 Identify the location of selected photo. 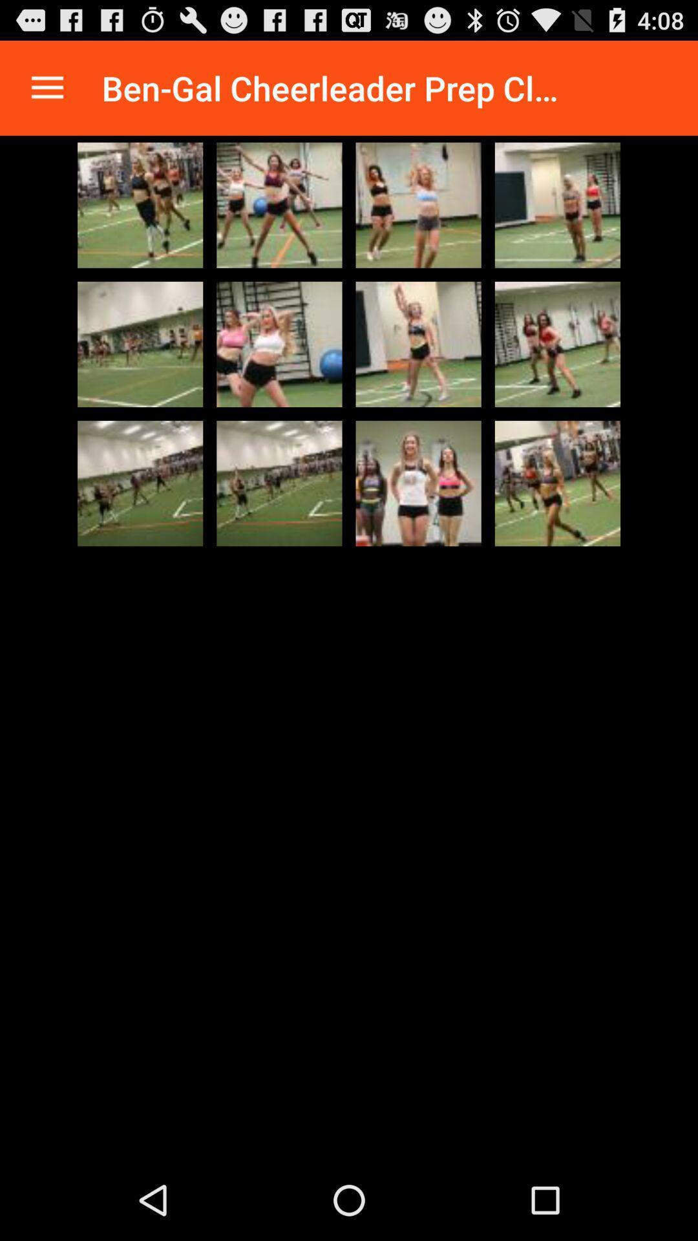
(556, 344).